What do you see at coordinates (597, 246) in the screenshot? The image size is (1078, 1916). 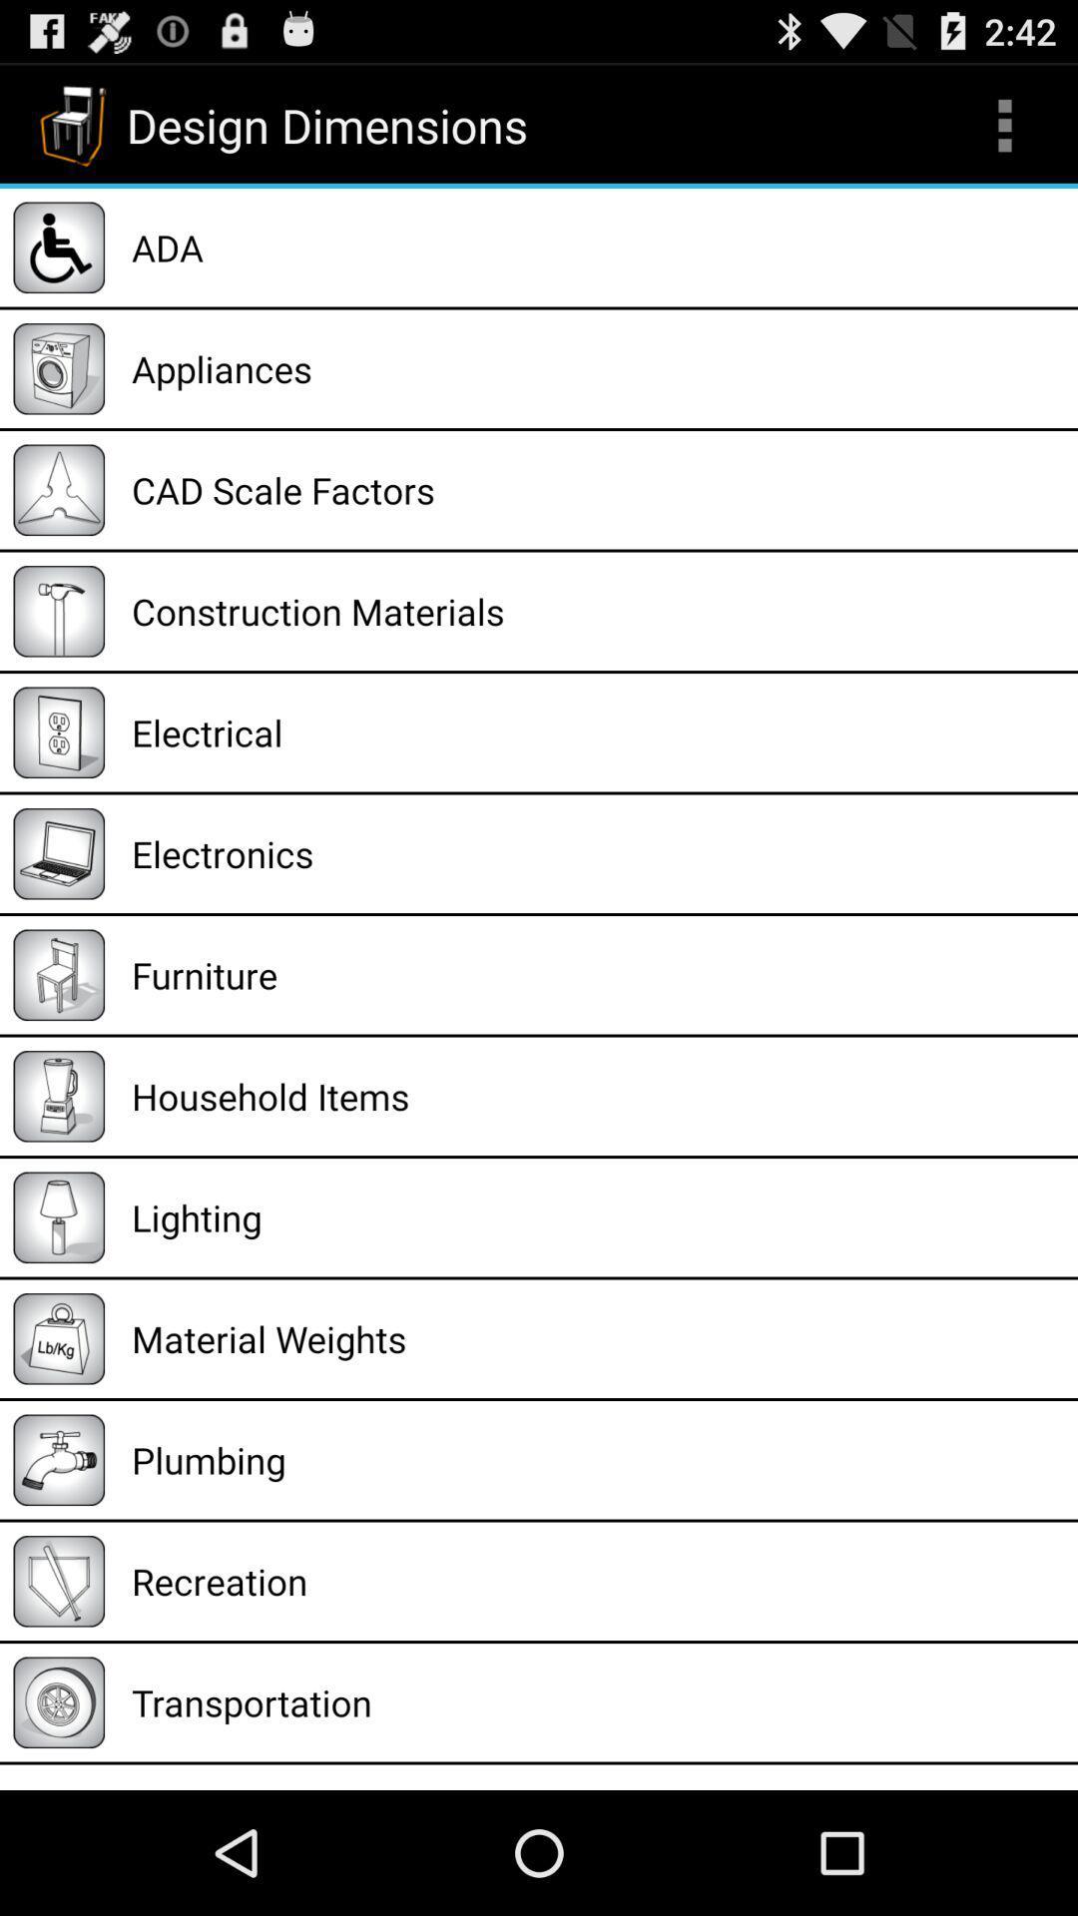 I see `ada` at bounding box center [597, 246].